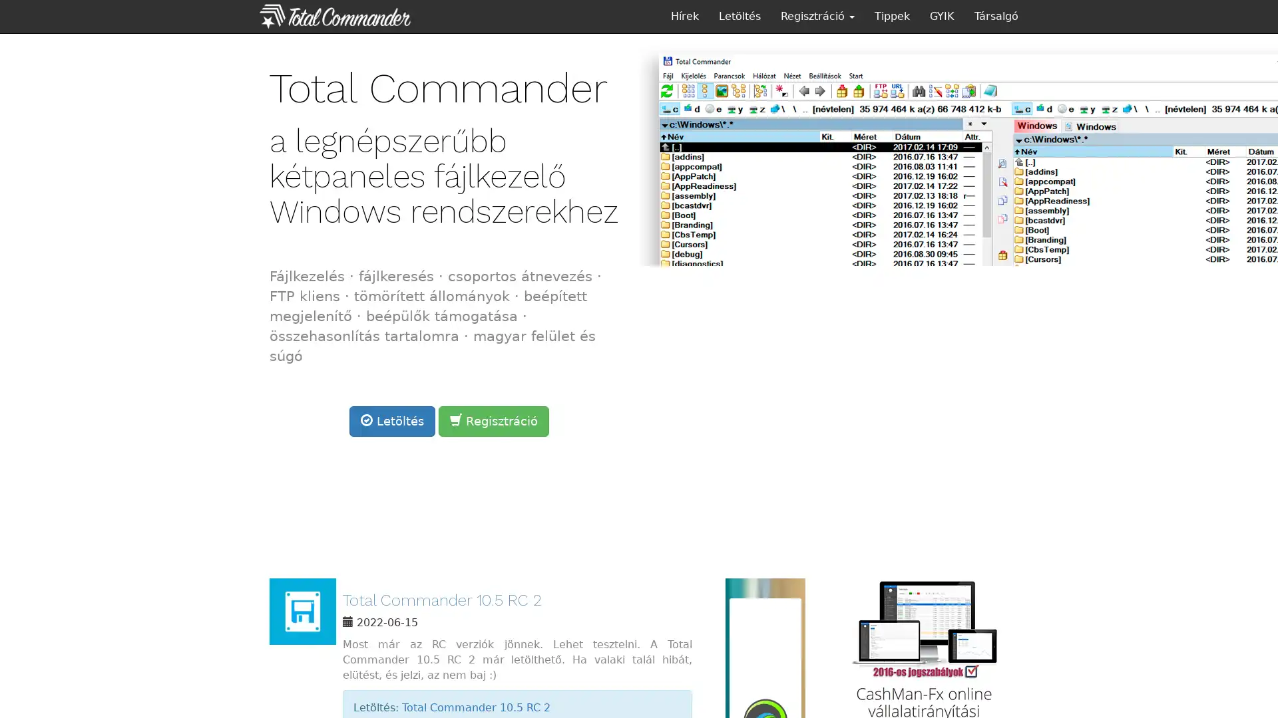  What do you see at coordinates (391, 420) in the screenshot?
I see `Letoltes` at bounding box center [391, 420].